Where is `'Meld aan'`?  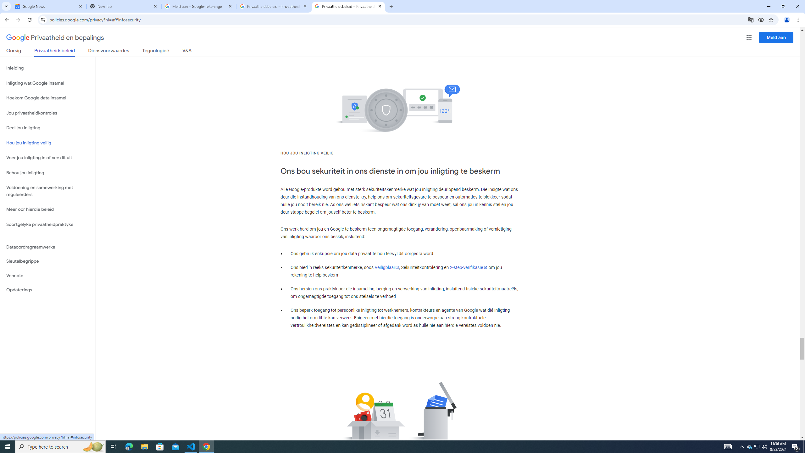
'Meld aan' is located at coordinates (776, 37).